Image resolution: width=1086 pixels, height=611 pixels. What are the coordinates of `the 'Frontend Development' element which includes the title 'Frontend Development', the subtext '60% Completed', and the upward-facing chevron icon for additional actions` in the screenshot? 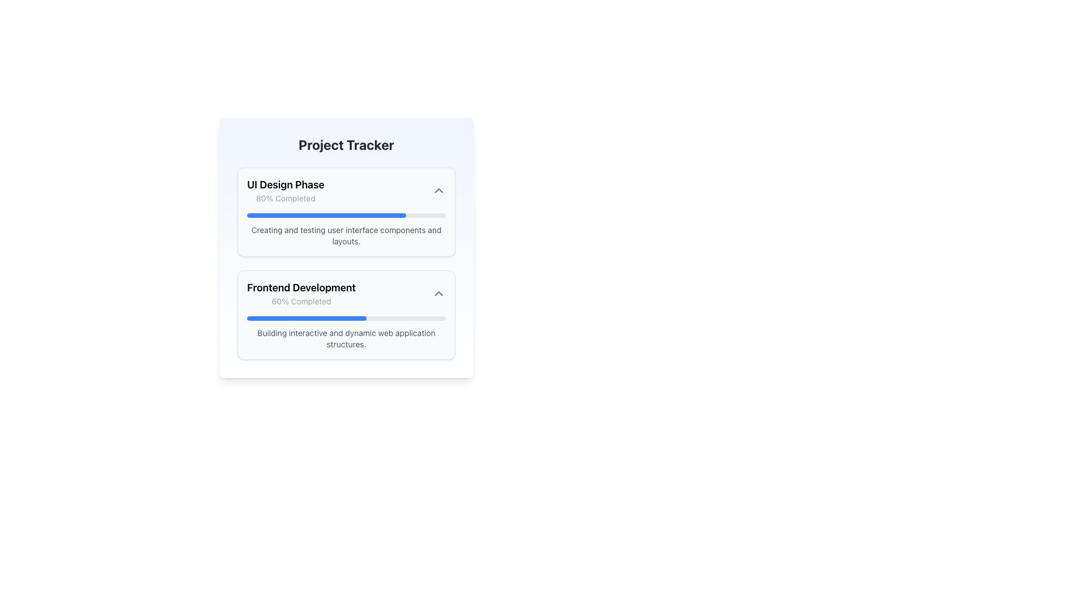 It's located at (346, 293).